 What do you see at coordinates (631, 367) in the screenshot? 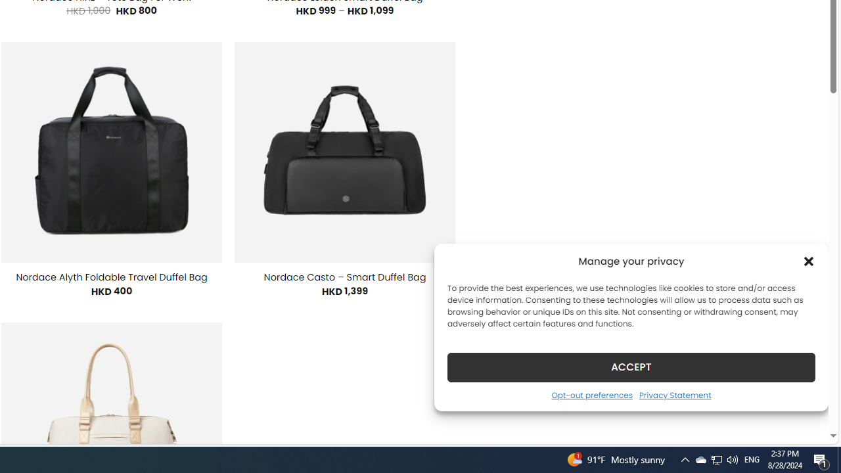
I see `'ACCEPT'` at bounding box center [631, 367].